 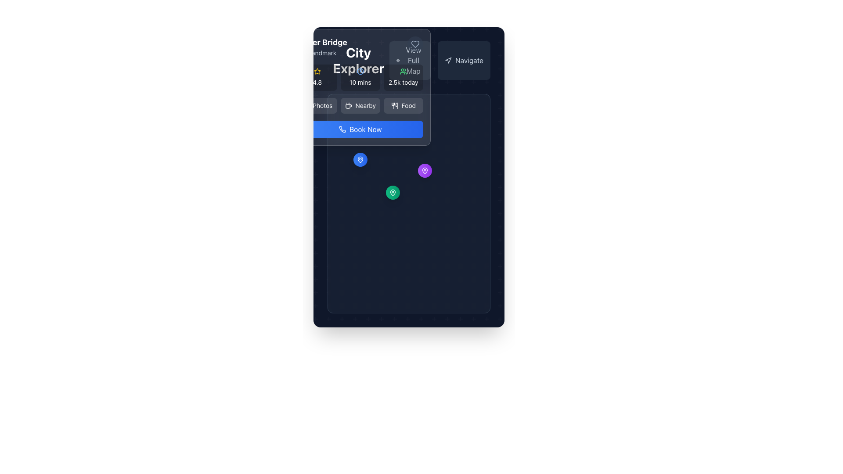 What do you see at coordinates (322, 47) in the screenshot?
I see `the text label displaying 'Tower Bridge' and 'Landmark' in bold and smaller font respectively, located in the top-left corner of the interface` at bounding box center [322, 47].